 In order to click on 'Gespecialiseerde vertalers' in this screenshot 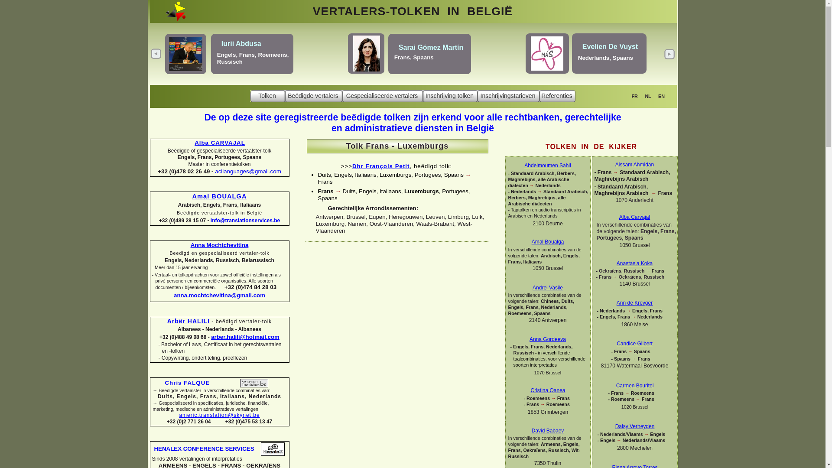, I will do `click(382, 96)`.